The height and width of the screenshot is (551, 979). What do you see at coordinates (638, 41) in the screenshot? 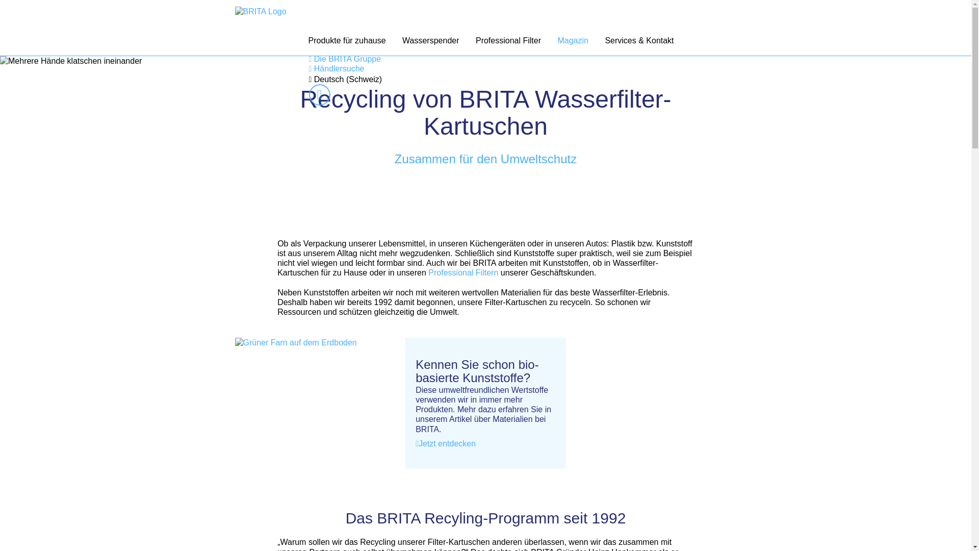
I see `'Services & Kontakt'` at bounding box center [638, 41].